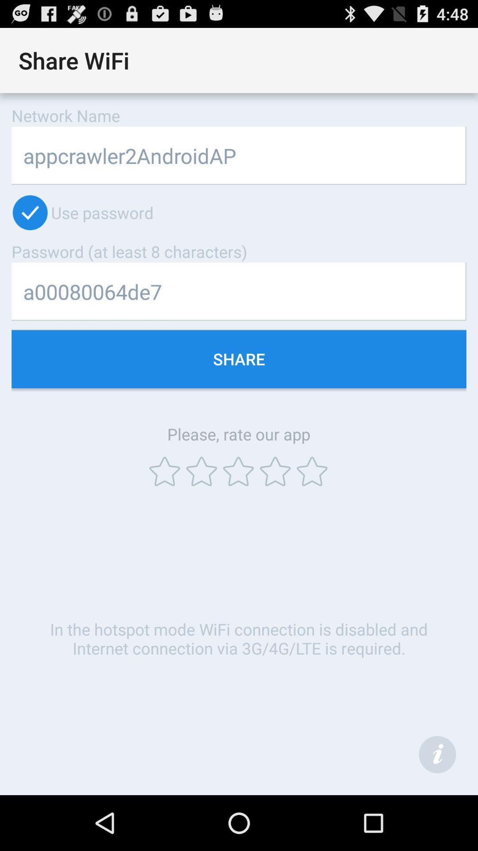  I want to click on the a00080064de7 icon, so click(239, 292).